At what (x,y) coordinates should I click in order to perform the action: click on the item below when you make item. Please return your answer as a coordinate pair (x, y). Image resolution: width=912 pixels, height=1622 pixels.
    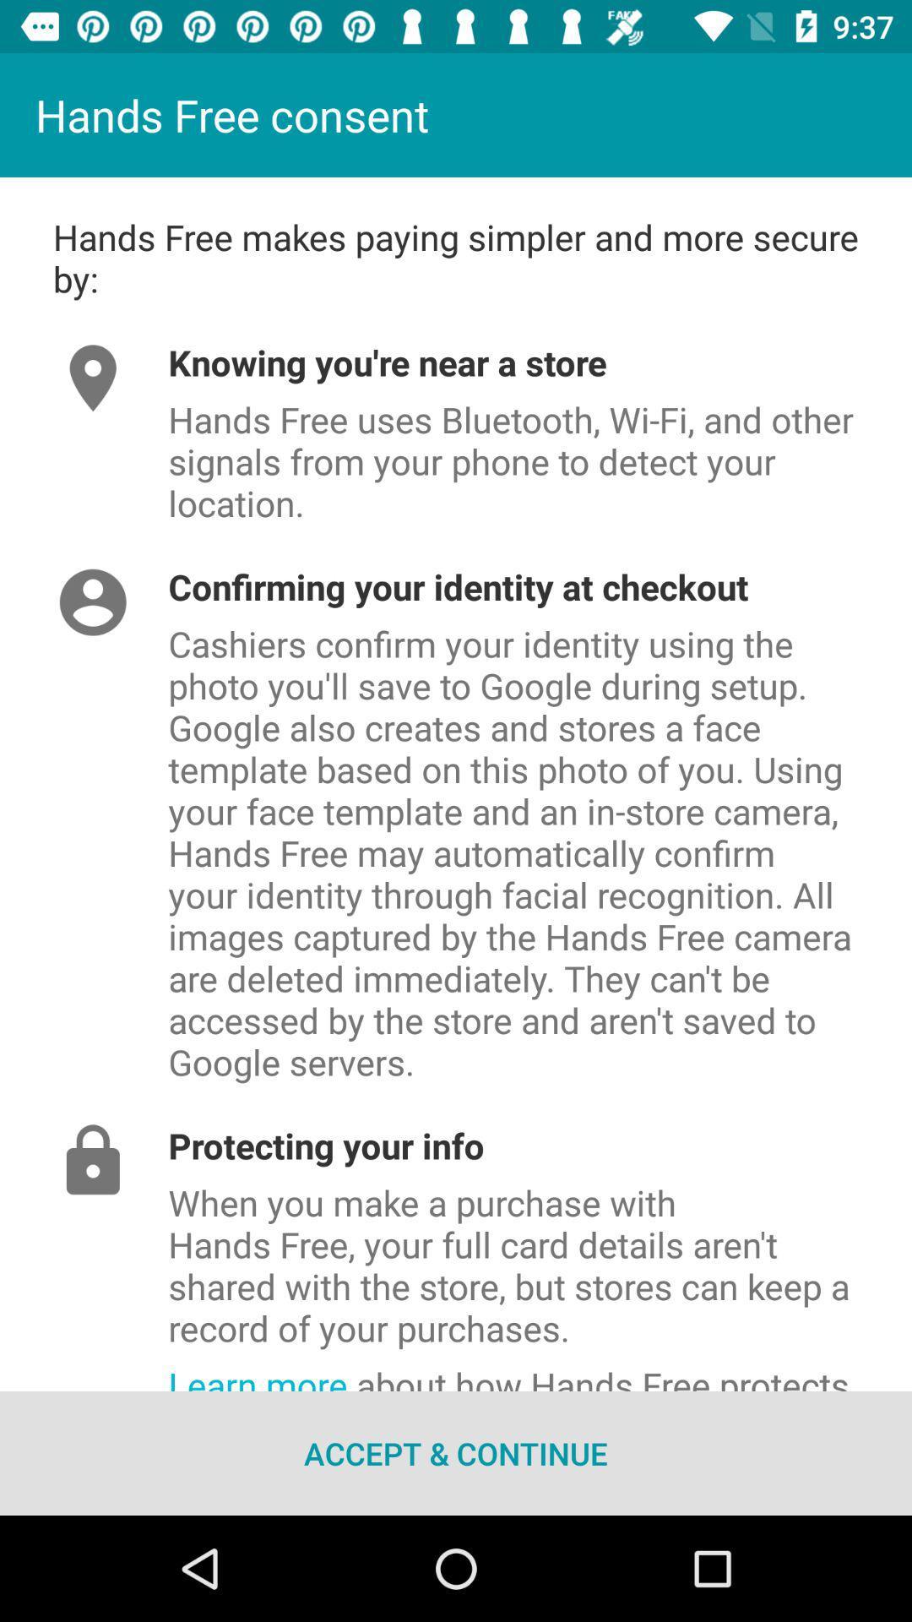
    Looking at the image, I should click on (540, 1371).